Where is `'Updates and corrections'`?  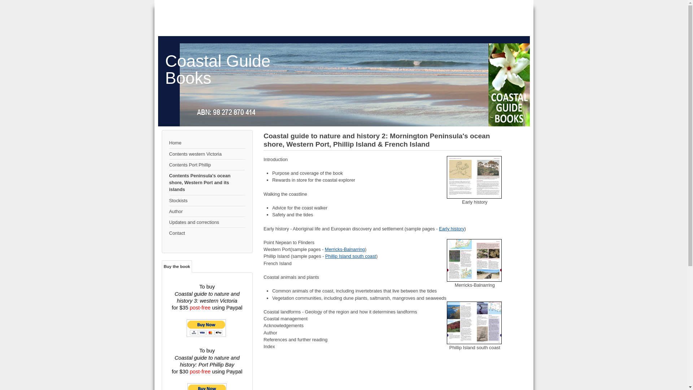
'Updates and corrections' is located at coordinates (206, 222).